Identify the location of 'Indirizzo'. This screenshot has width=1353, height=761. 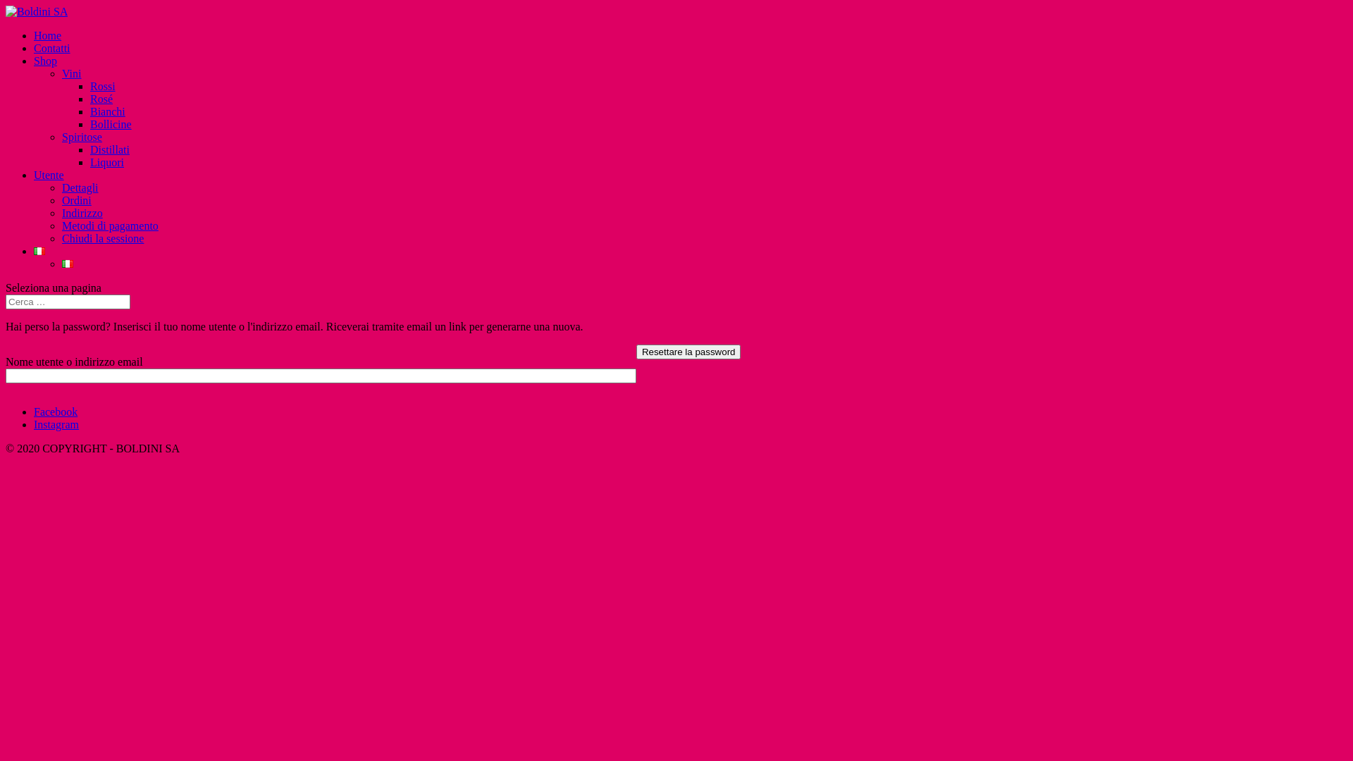
(81, 213).